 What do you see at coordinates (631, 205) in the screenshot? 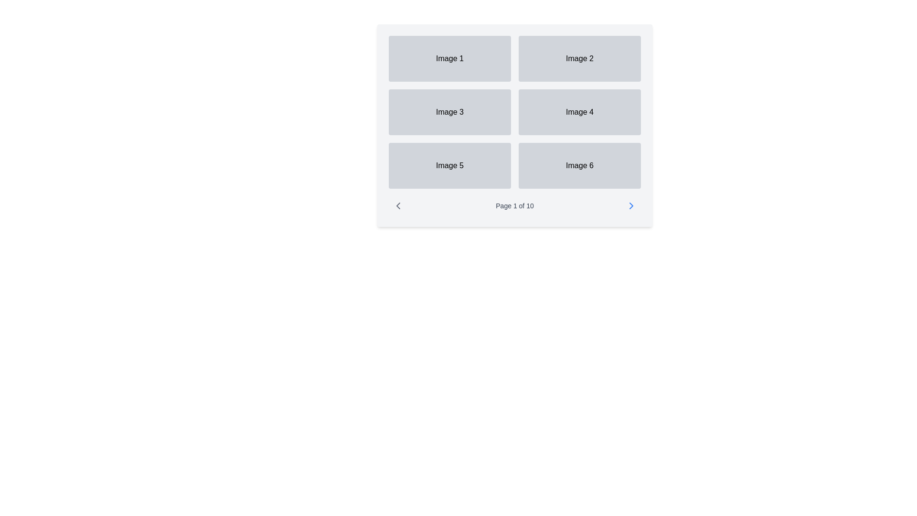
I see `the navigation button located in the bottom-right corner of the interface to move to the next page` at bounding box center [631, 205].